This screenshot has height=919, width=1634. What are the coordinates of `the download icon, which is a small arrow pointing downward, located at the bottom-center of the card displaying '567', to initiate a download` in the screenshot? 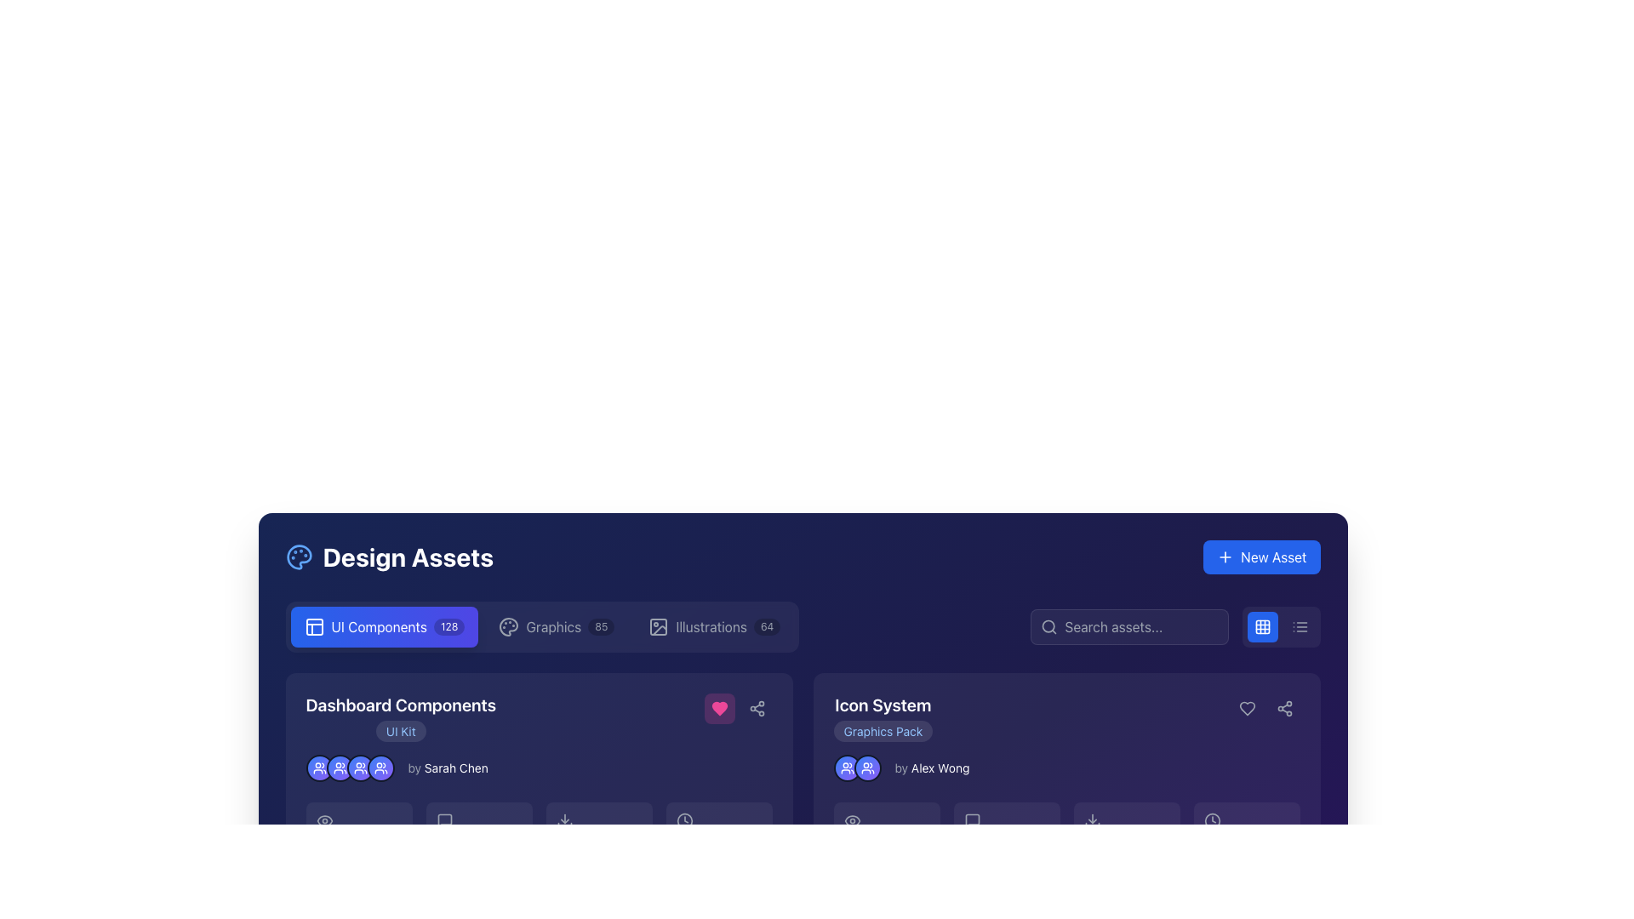 It's located at (1092, 819).